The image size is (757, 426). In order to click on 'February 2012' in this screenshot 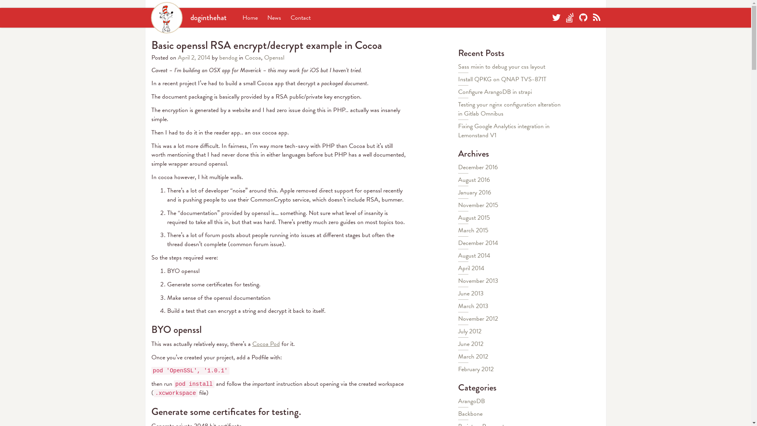, I will do `click(475, 369)`.